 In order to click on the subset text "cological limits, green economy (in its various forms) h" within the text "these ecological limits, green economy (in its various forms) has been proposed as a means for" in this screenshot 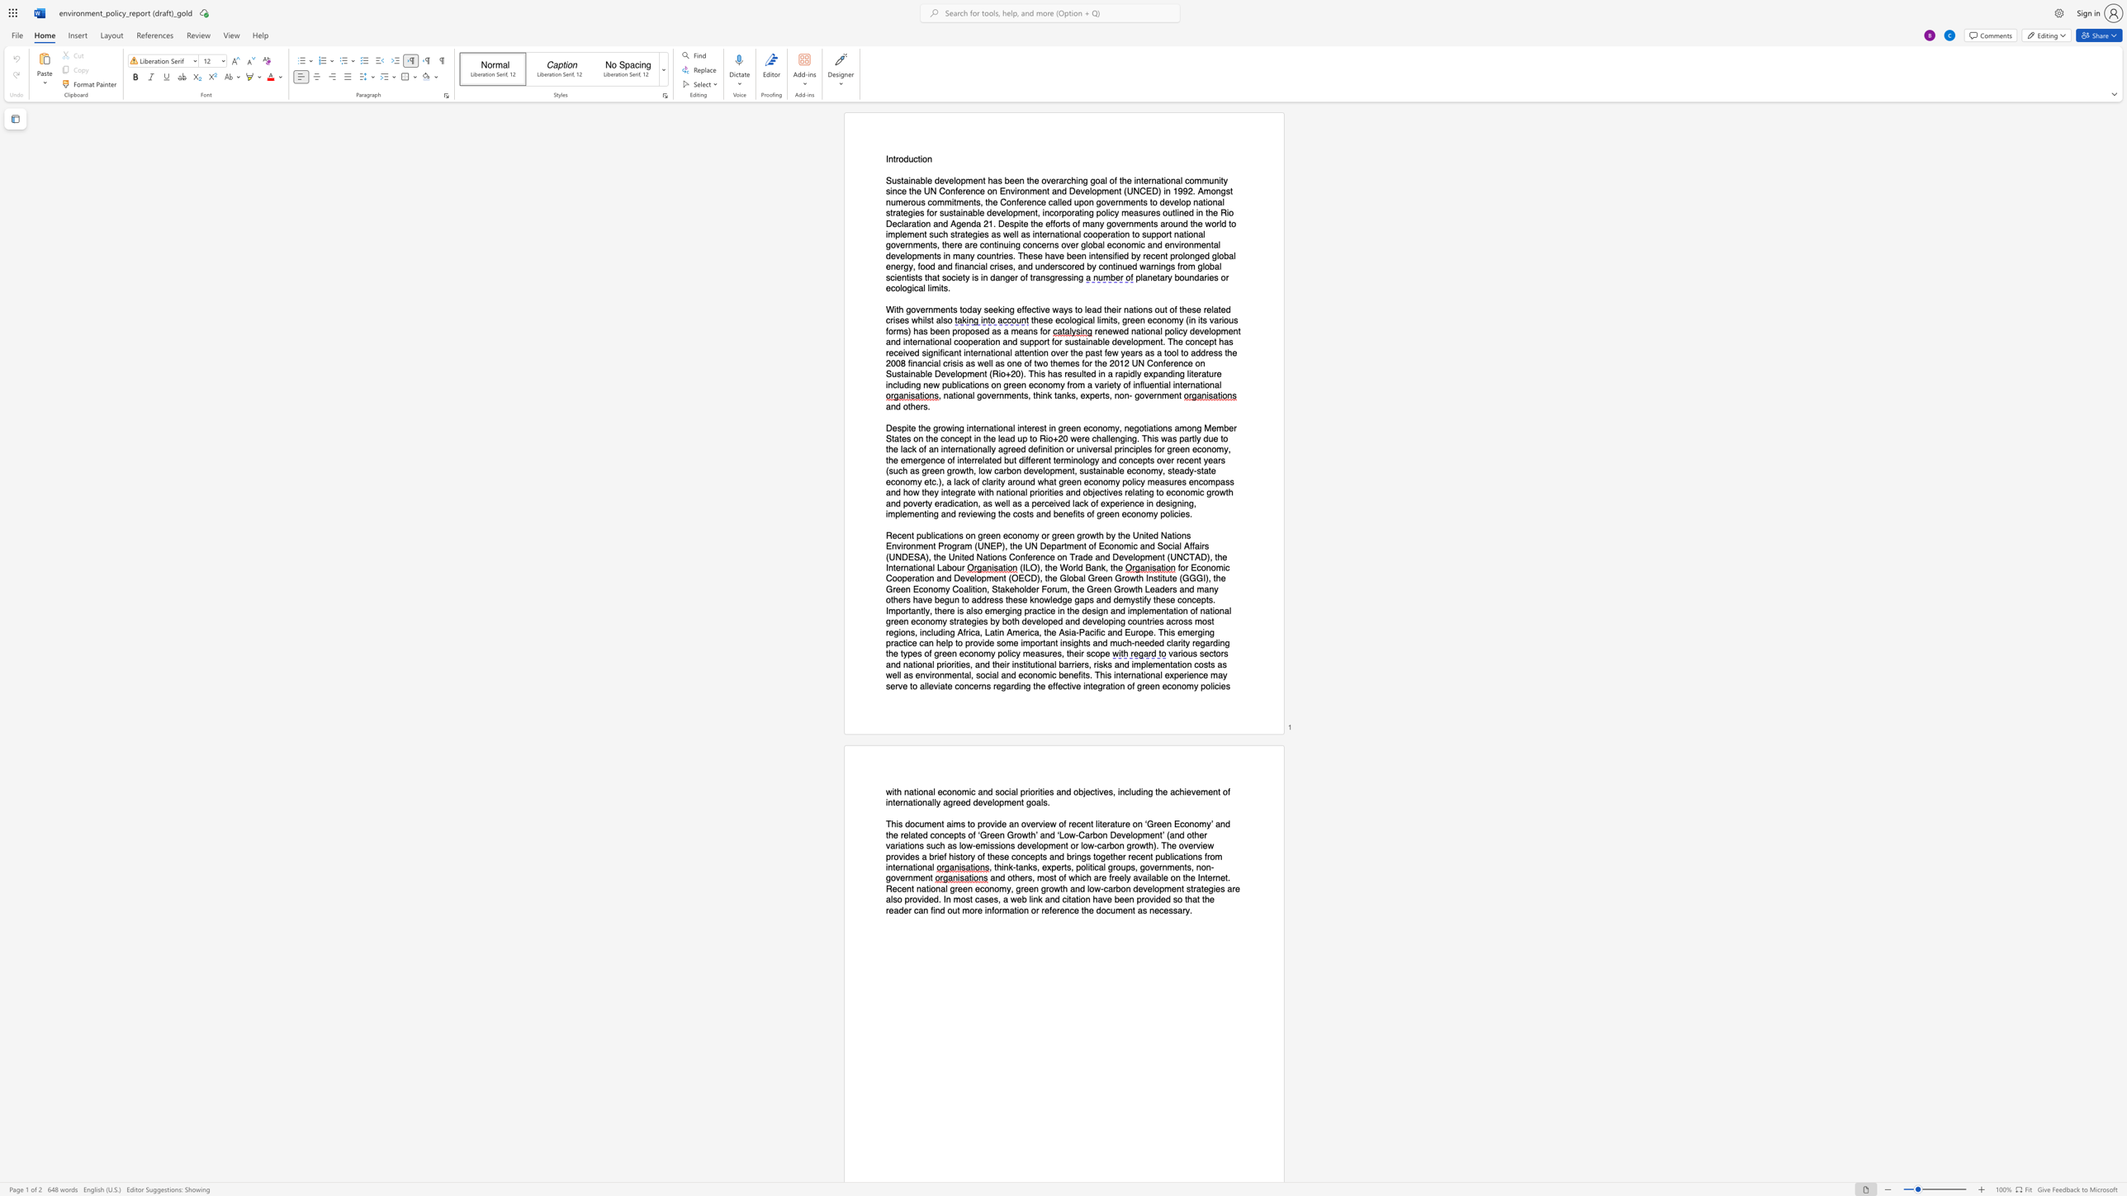, I will do `click(1059, 320)`.